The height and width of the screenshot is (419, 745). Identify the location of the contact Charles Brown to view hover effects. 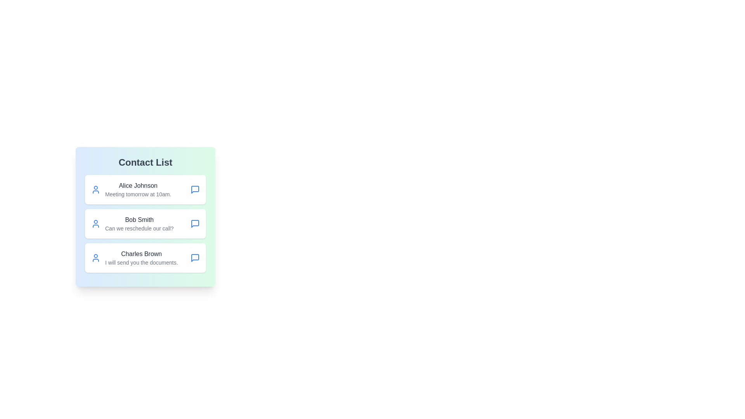
(145, 258).